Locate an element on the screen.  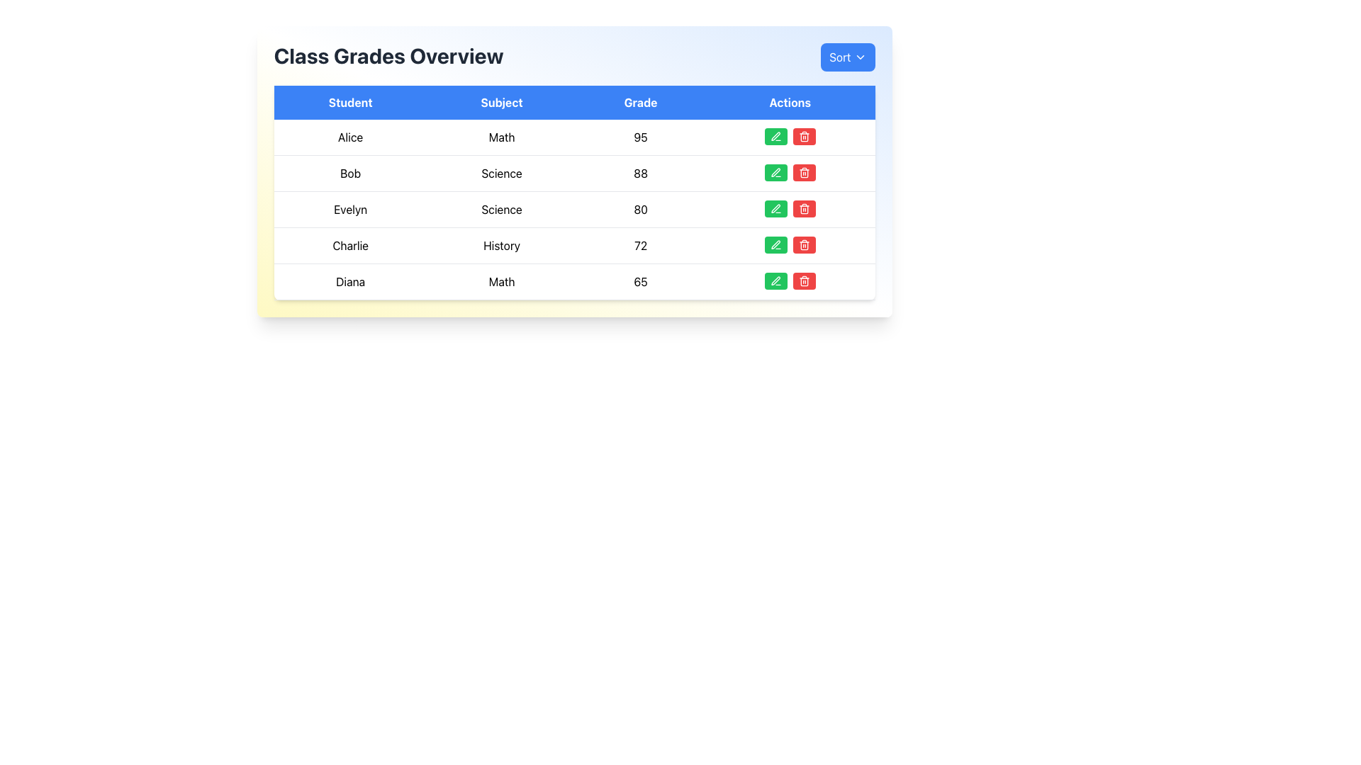
the edit button located in the 'Actions' column of the second row in the table layout is located at coordinates (775, 171).